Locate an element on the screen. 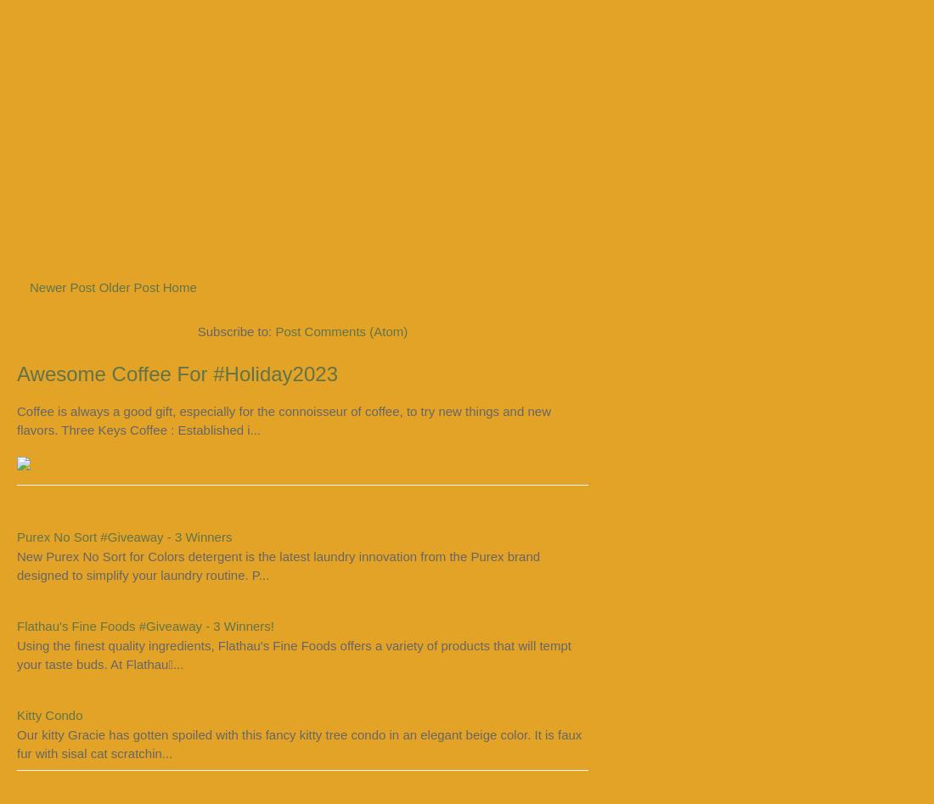  'Home' is located at coordinates (178, 285).